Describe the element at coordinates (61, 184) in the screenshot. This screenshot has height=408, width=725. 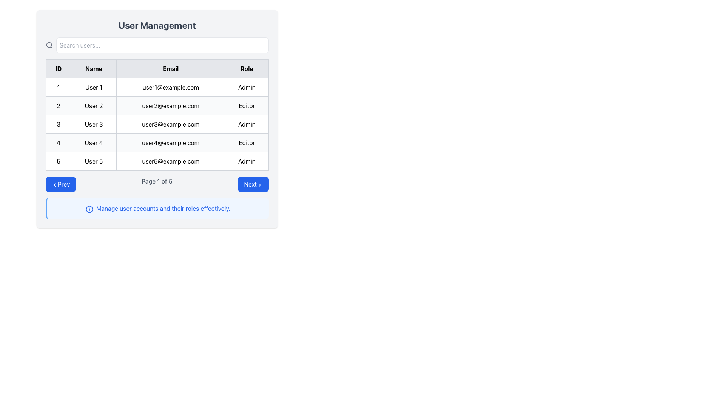
I see `the blue 'Prev' button with rounded edges` at that location.